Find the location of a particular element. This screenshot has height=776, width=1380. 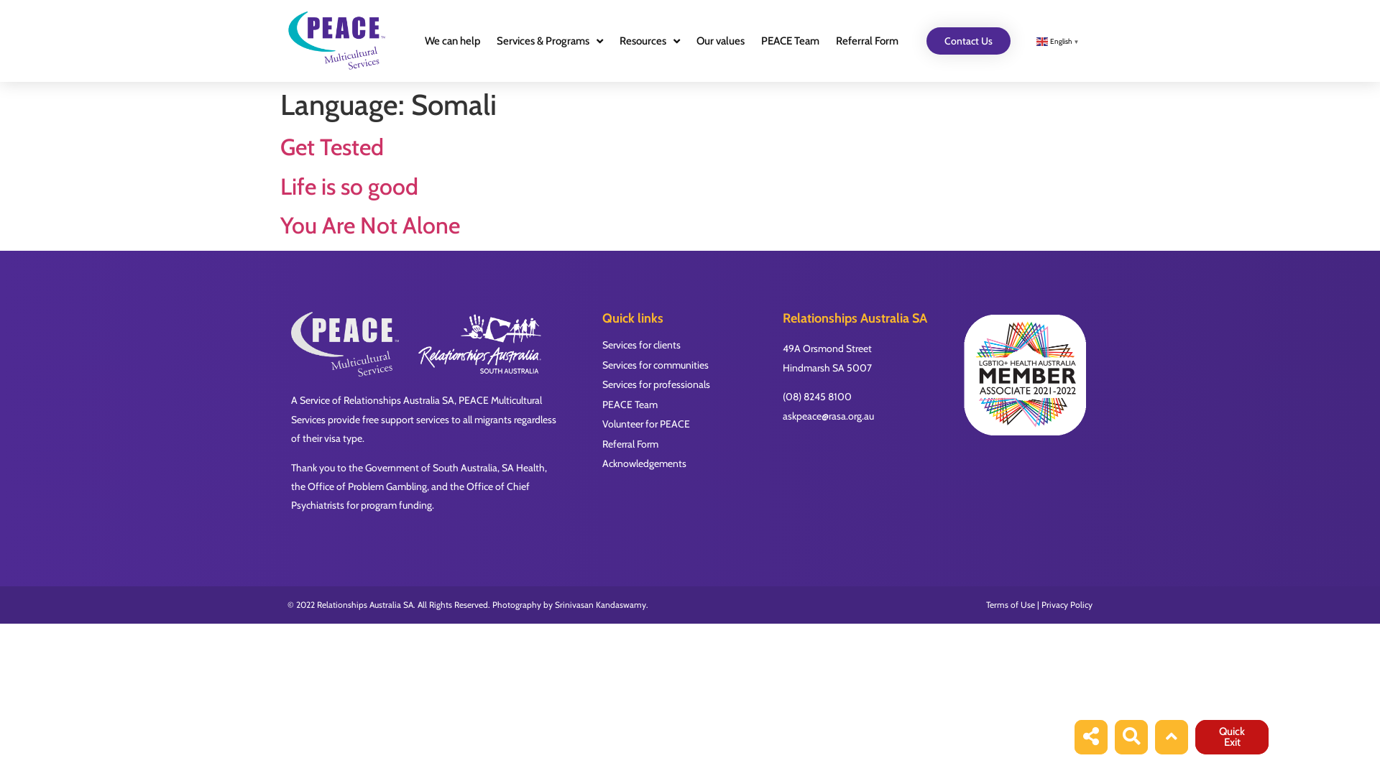

'Terms of Use' is located at coordinates (1010, 604).